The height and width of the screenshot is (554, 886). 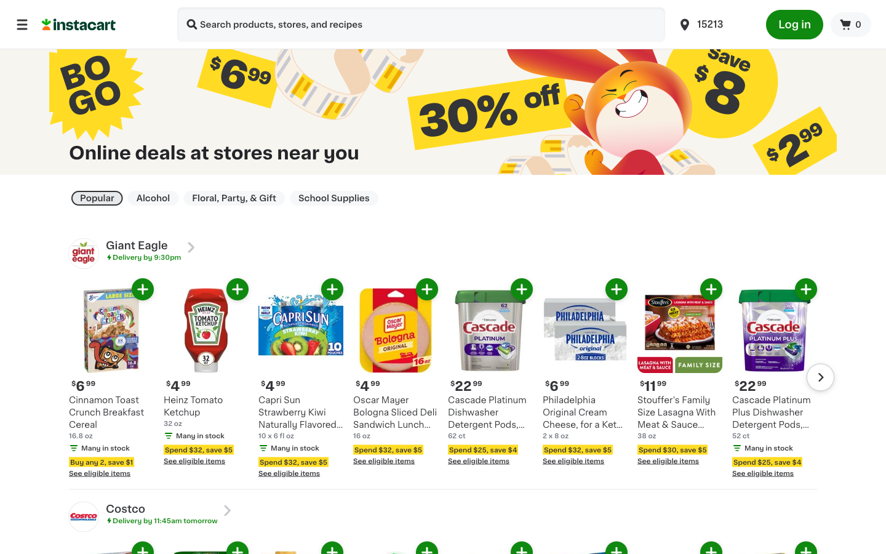 I want to click on Organize by Alcohol Type, so click(x=152, y=198).